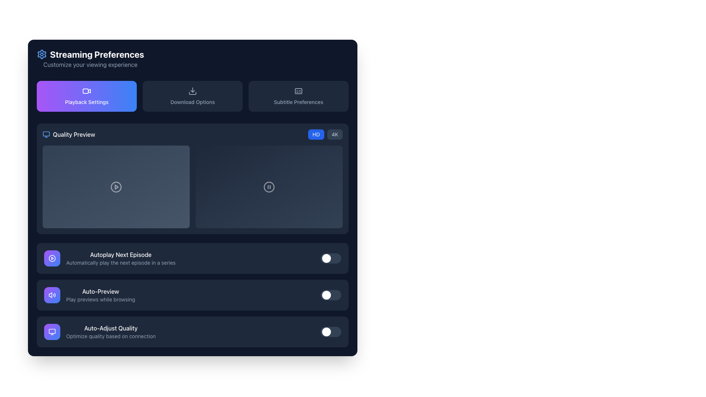 This screenshot has width=706, height=397. What do you see at coordinates (335, 135) in the screenshot?
I see `the button in the top-right section of the 'Quality Preview' area` at bounding box center [335, 135].